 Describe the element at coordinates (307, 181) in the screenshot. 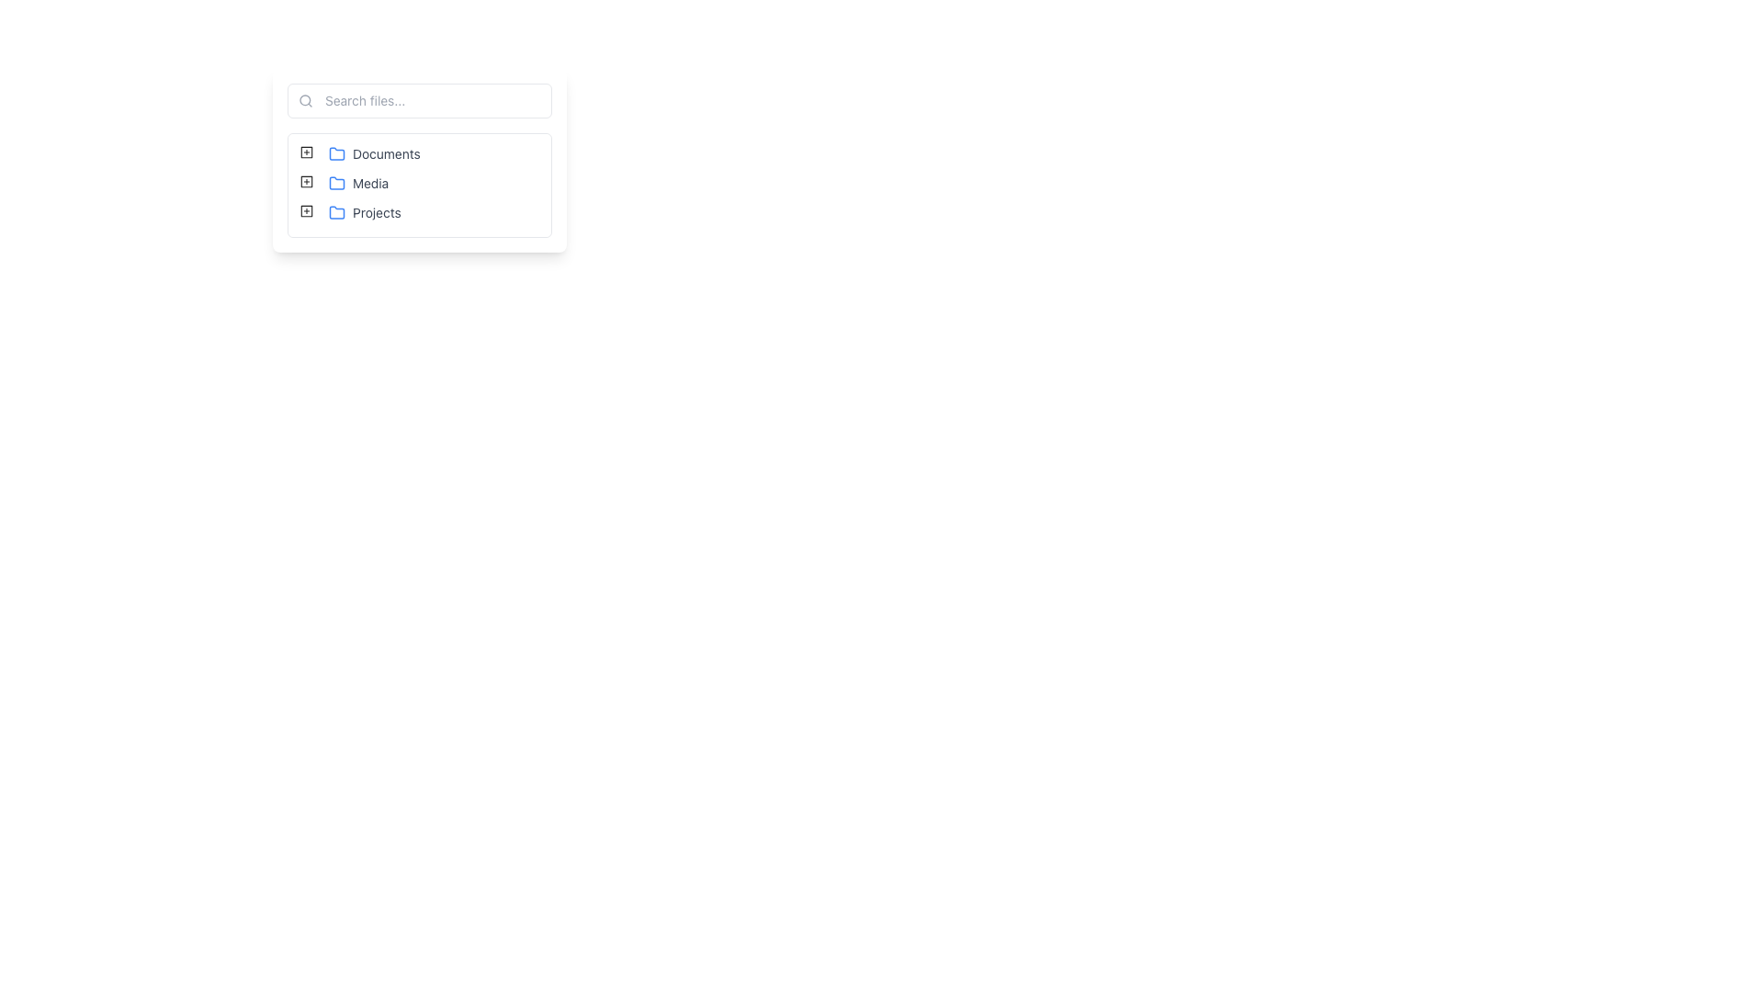

I see `the collapsible/expandable folder icon button located directly to the left of the 'Media' folder label in the hierarchical navigation component` at that location.